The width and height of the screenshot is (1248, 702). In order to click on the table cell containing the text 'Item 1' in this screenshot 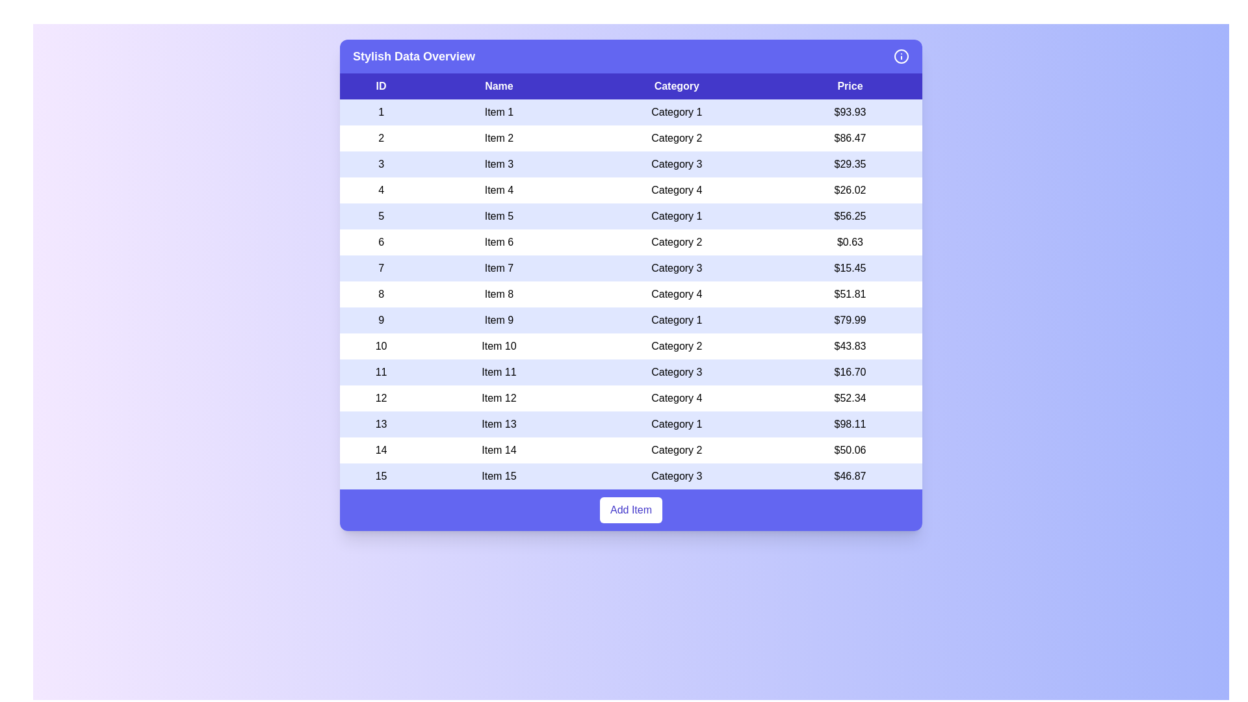, I will do `click(498, 112)`.